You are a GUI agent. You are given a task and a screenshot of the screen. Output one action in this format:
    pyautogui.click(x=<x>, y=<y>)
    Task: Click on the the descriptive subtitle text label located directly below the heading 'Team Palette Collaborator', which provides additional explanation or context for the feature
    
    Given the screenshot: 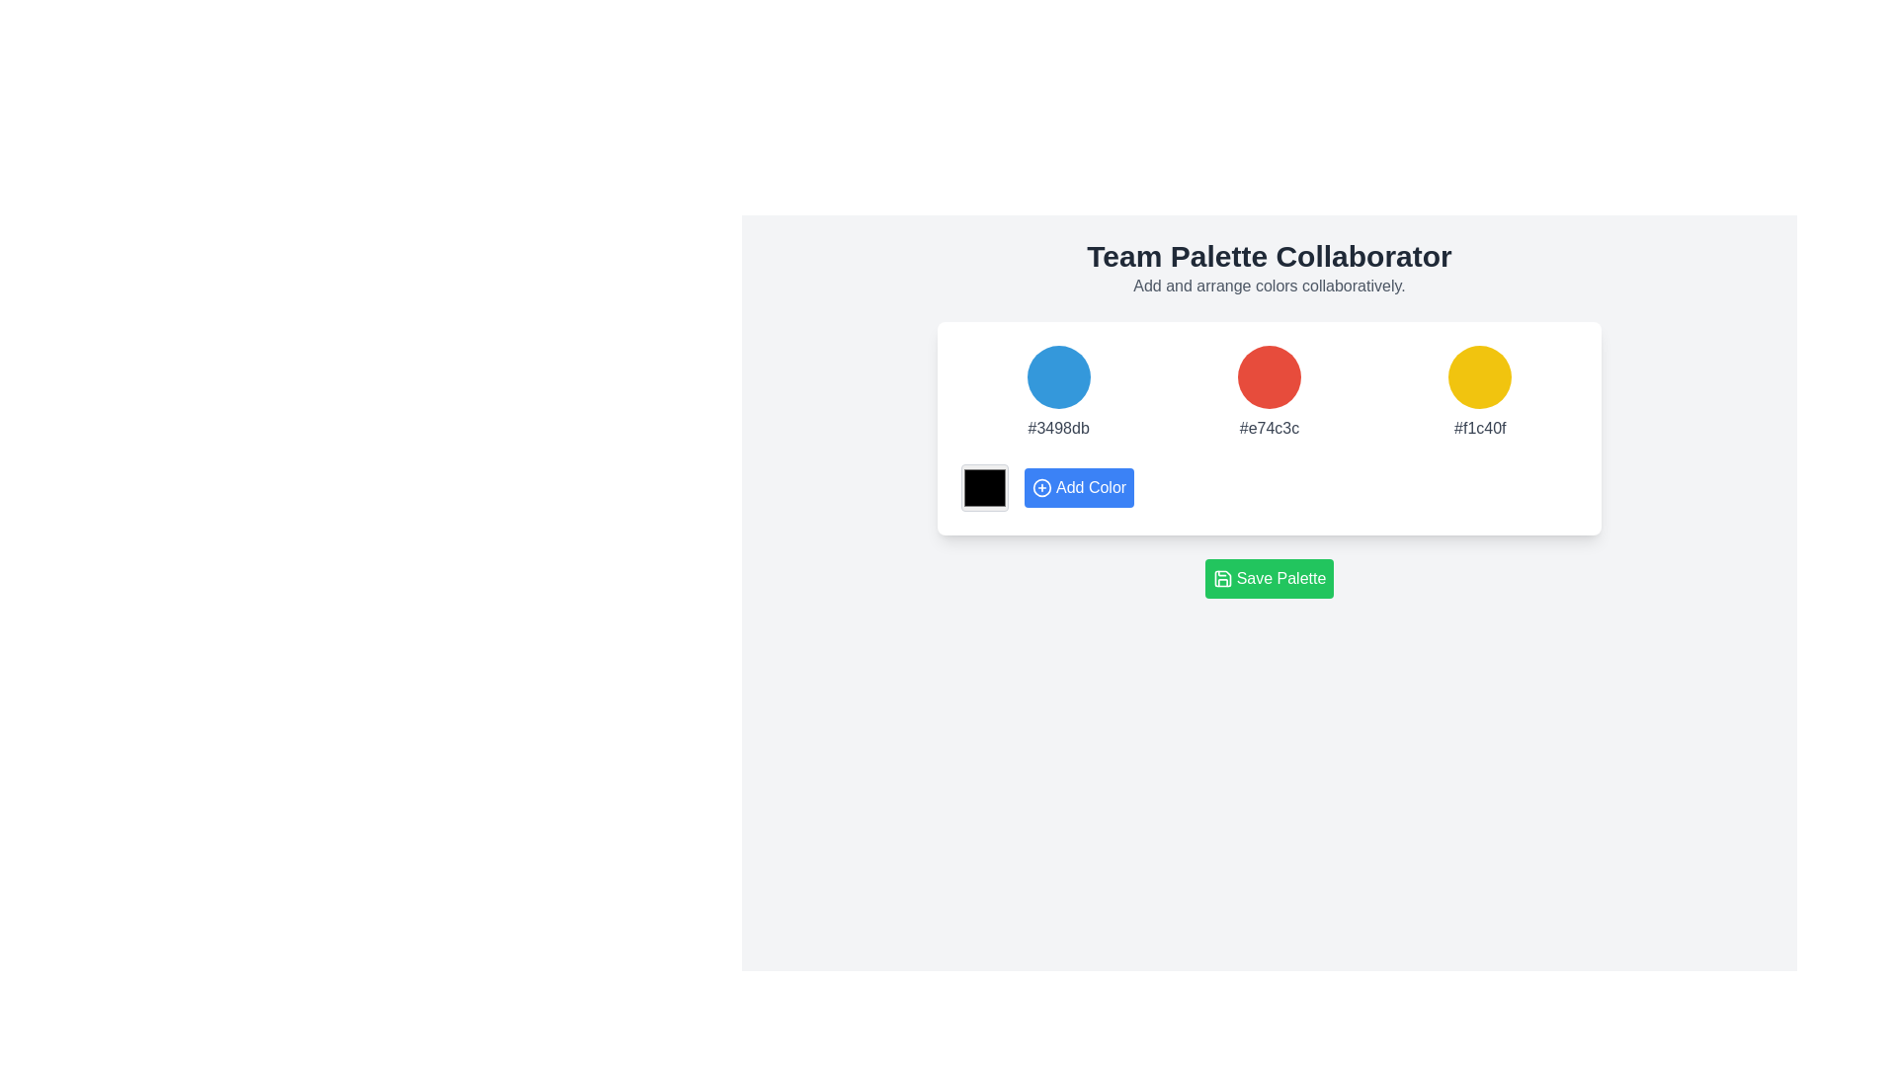 What is the action you would take?
    pyautogui.click(x=1270, y=286)
    